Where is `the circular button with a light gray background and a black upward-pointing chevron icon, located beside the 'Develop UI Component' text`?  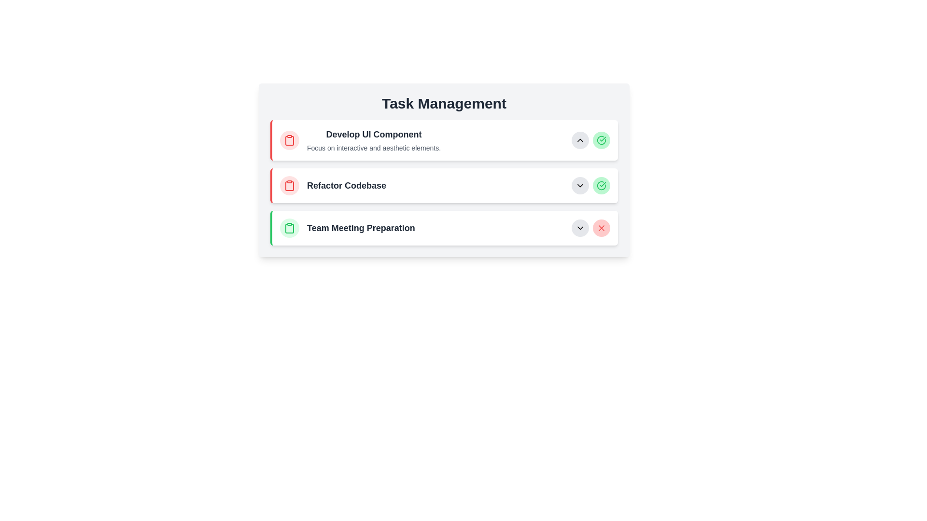
the circular button with a light gray background and a black upward-pointing chevron icon, located beside the 'Develop UI Component' text is located at coordinates (579, 140).